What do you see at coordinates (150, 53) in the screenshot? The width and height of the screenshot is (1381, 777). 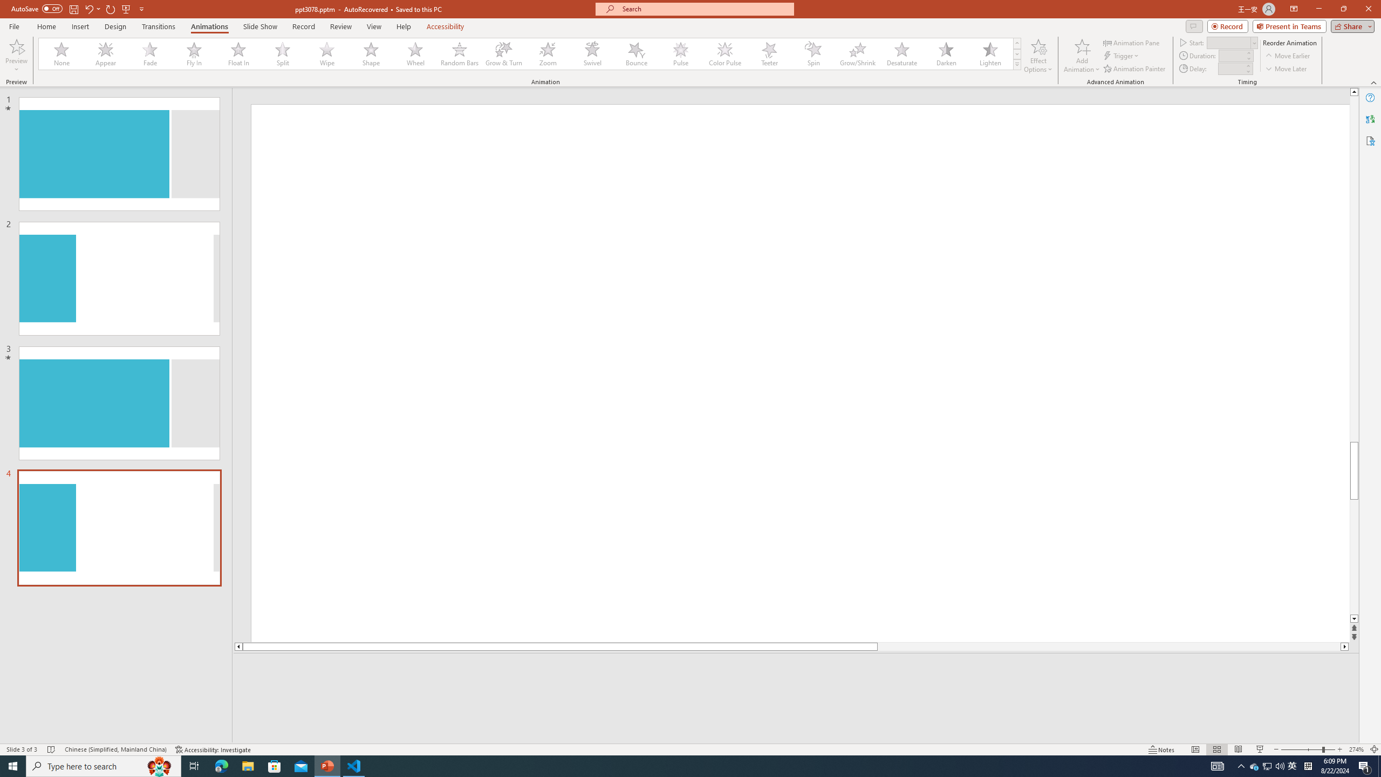 I see `'Fade'` at bounding box center [150, 53].